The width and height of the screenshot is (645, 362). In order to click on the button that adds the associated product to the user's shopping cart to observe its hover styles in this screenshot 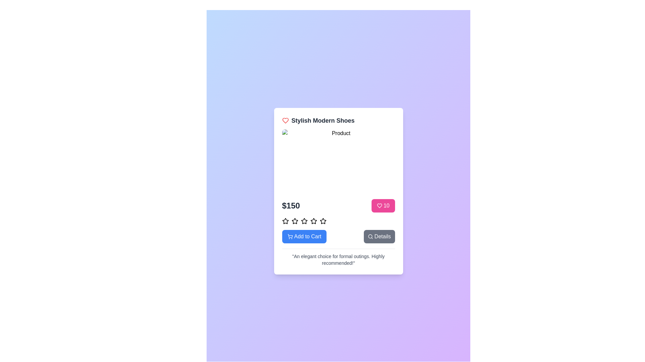, I will do `click(304, 236)`.